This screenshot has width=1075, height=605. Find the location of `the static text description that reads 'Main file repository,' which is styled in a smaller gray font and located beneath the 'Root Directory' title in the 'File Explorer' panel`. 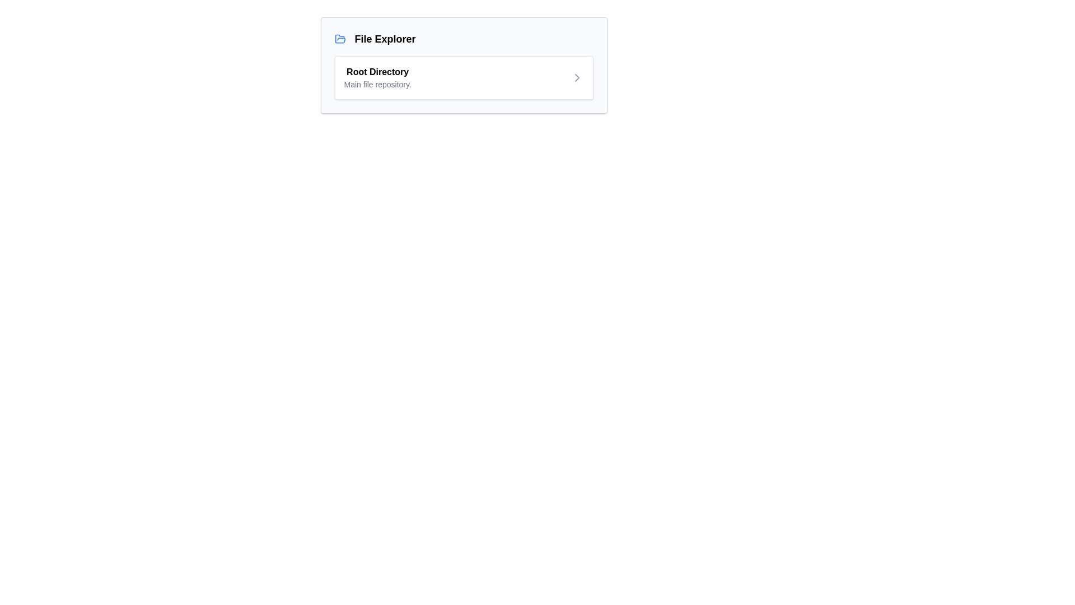

the static text description that reads 'Main file repository,' which is styled in a smaller gray font and located beneath the 'Root Directory' title in the 'File Explorer' panel is located at coordinates (377, 83).